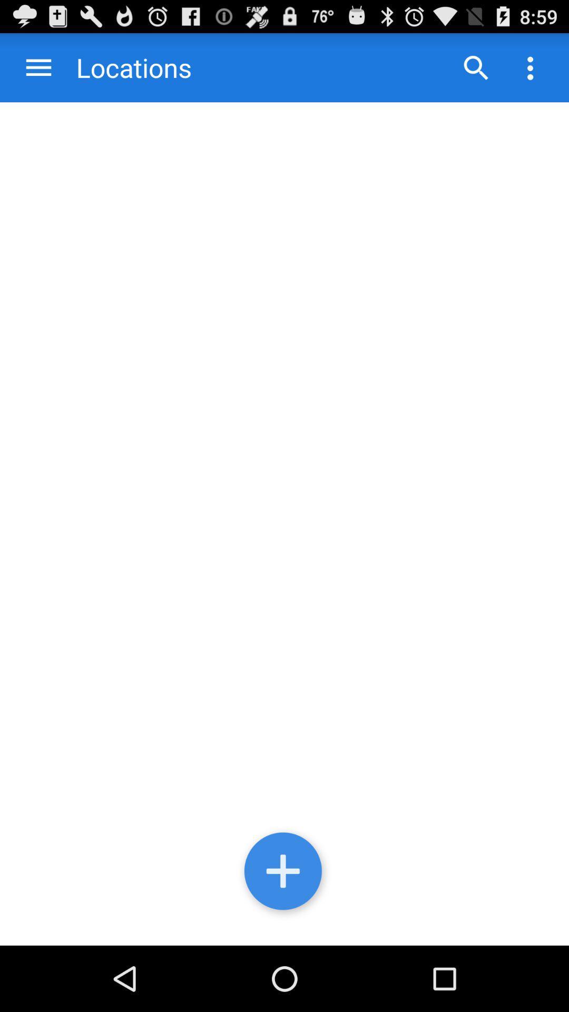 This screenshot has width=569, height=1012. What do you see at coordinates (38, 72) in the screenshot?
I see `the menu icon` at bounding box center [38, 72].